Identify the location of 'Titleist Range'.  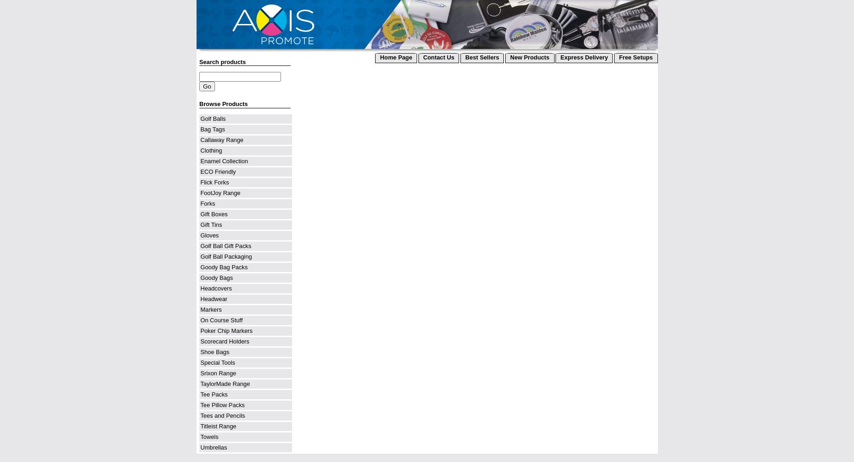
(218, 426).